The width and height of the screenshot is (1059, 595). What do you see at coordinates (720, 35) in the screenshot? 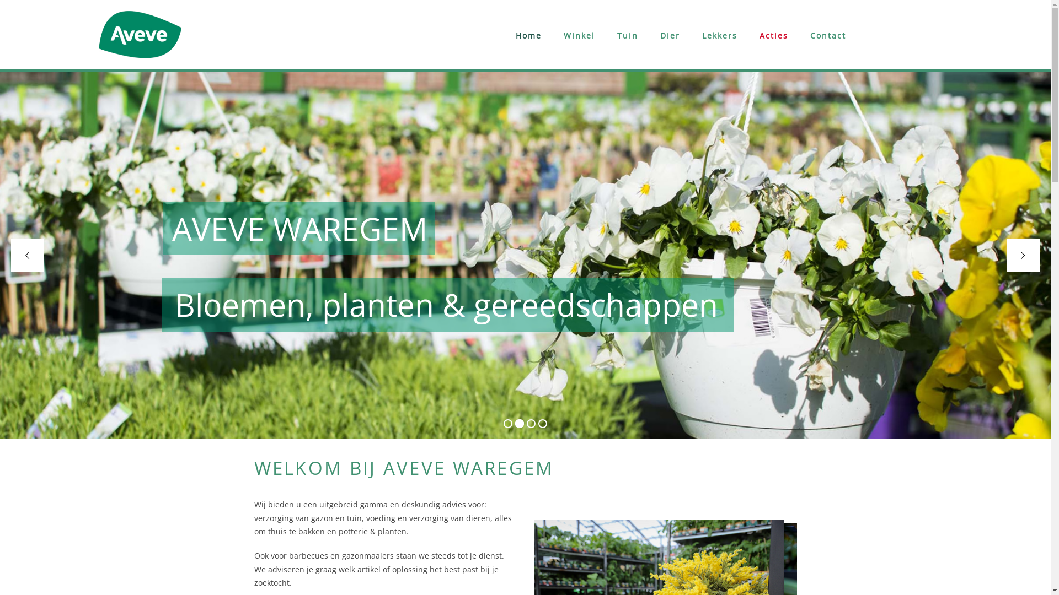
I see `'Lekkers'` at bounding box center [720, 35].